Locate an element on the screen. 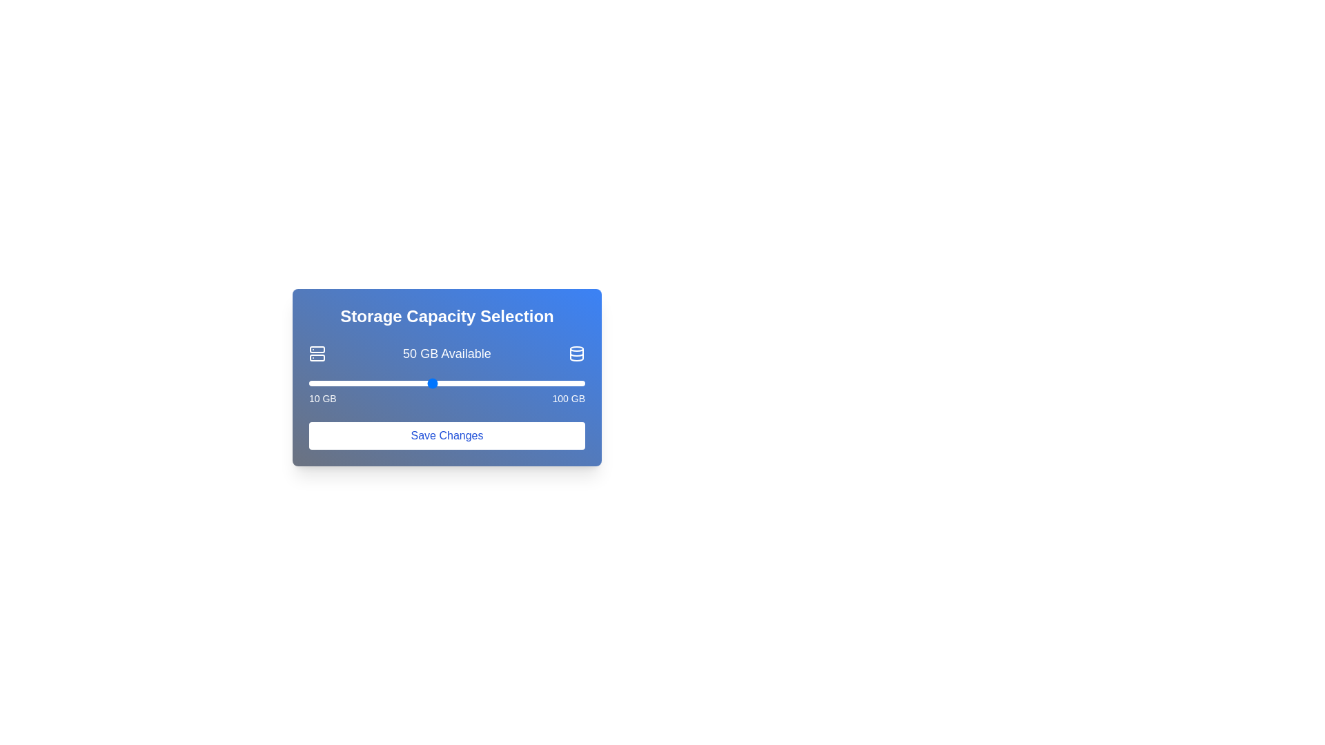 The height and width of the screenshot is (745, 1325). the storage slider to set the storage capacity to 32 GB is located at coordinates (376, 383).